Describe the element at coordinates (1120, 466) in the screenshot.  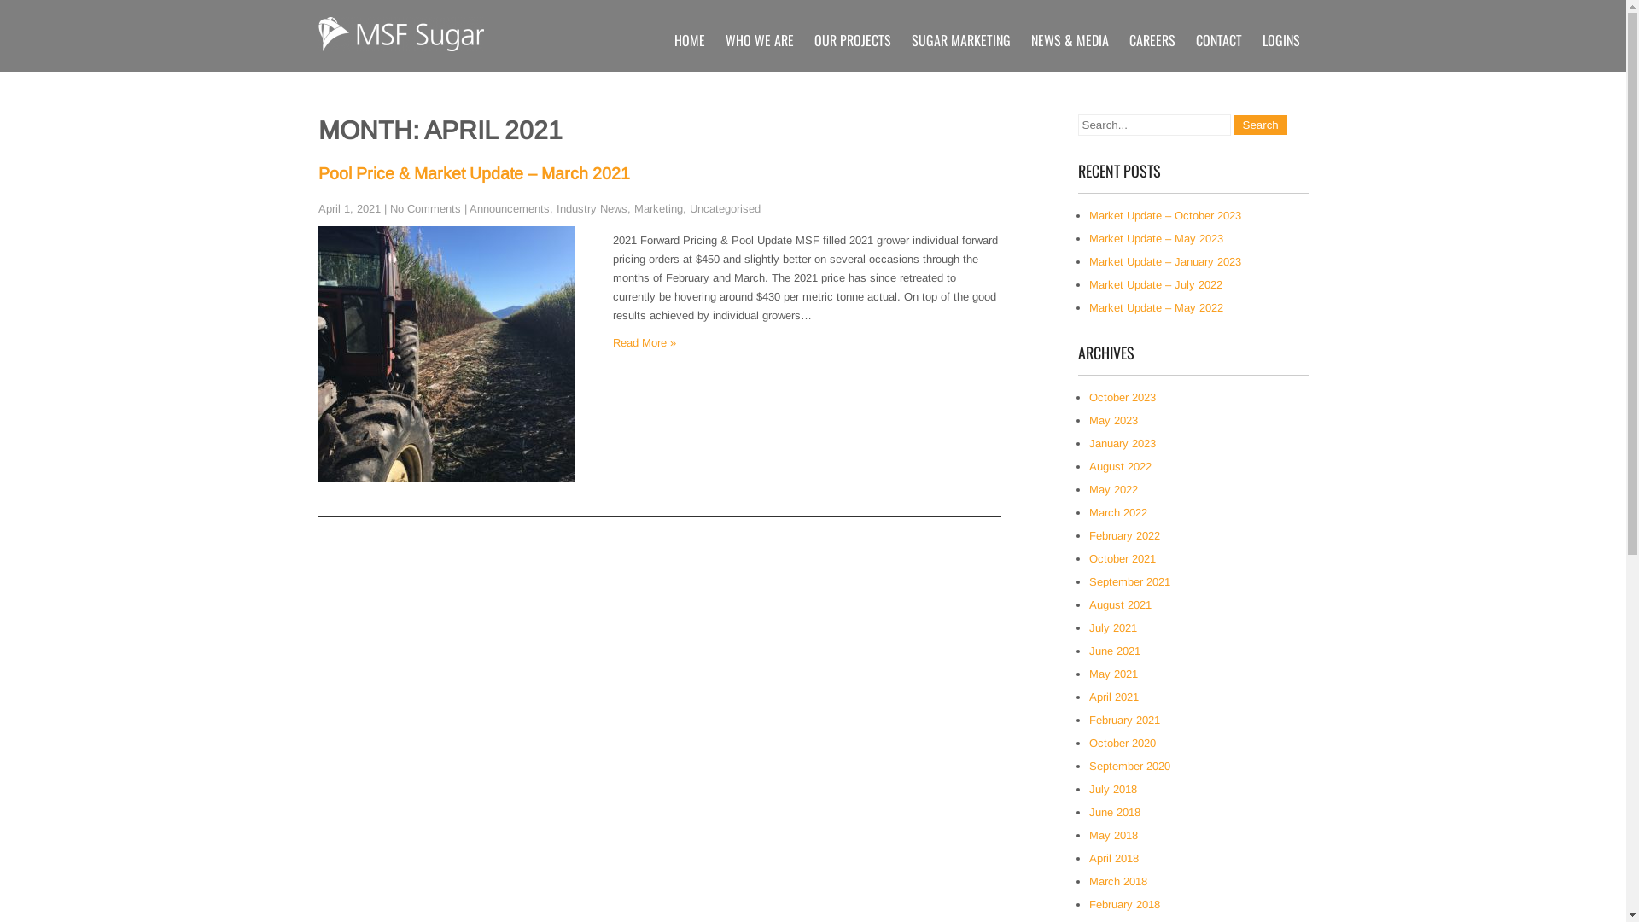
I see `'August 2022'` at that location.